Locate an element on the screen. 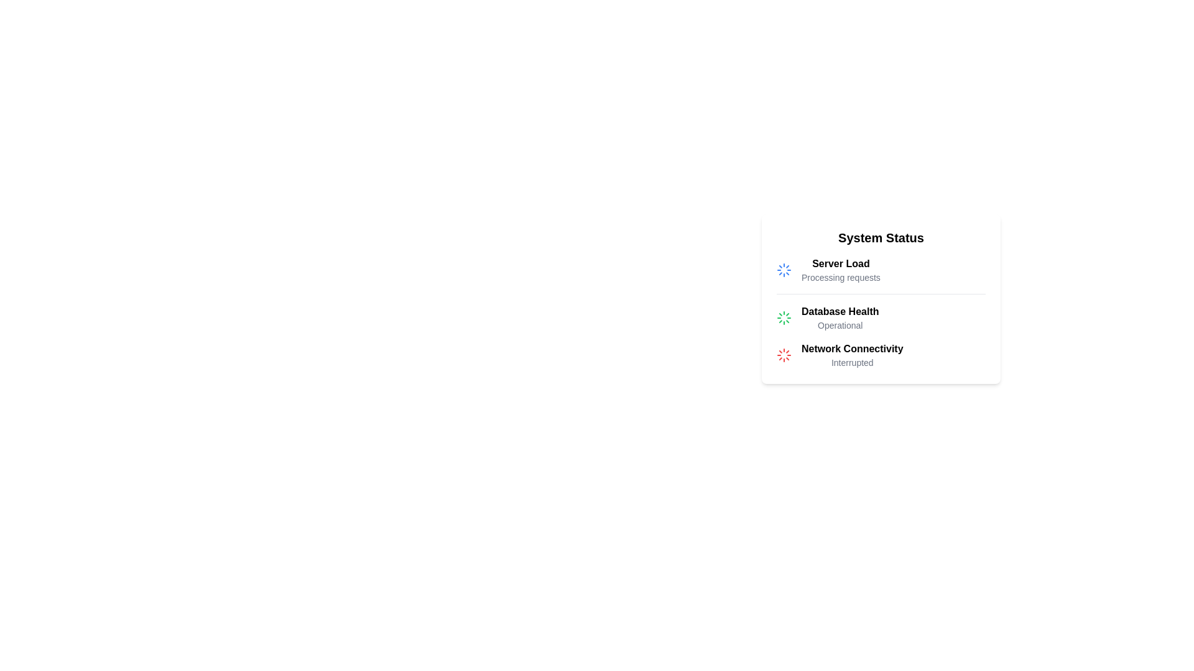 This screenshot has height=671, width=1194. the static text label indicating the current state of server operations, located below 'Server Load' in the 'System Status' panel is located at coordinates (841, 277).